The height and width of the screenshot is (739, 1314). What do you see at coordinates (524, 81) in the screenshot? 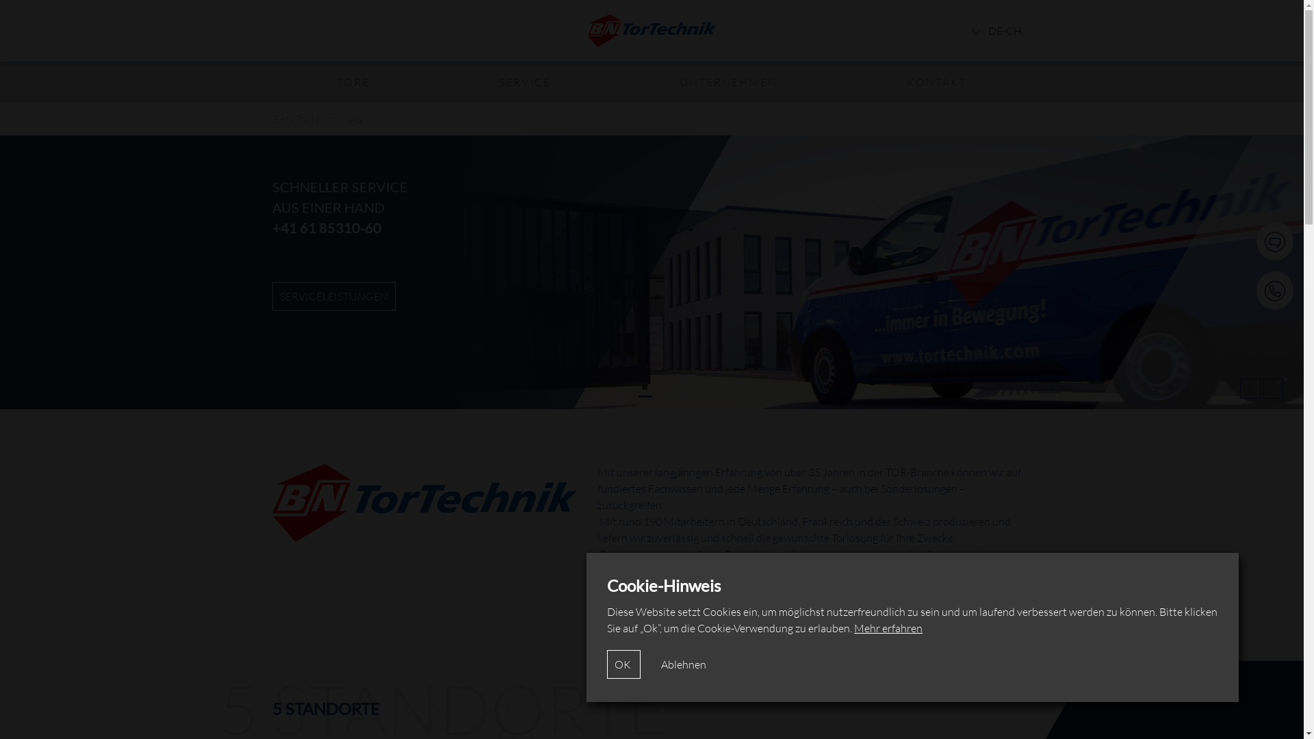
I see `'SERVICE'` at bounding box center [524, 81].